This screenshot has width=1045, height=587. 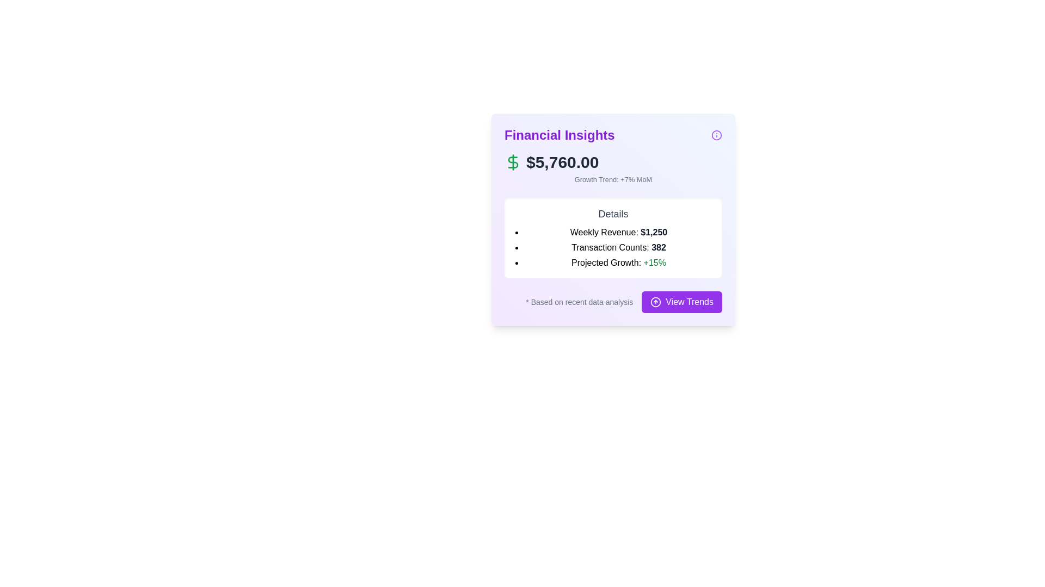 I want to click on contextual information provided by the text label located directly below the financial figure '$5,760.00', centered within the box, so click(x=613, y=179).